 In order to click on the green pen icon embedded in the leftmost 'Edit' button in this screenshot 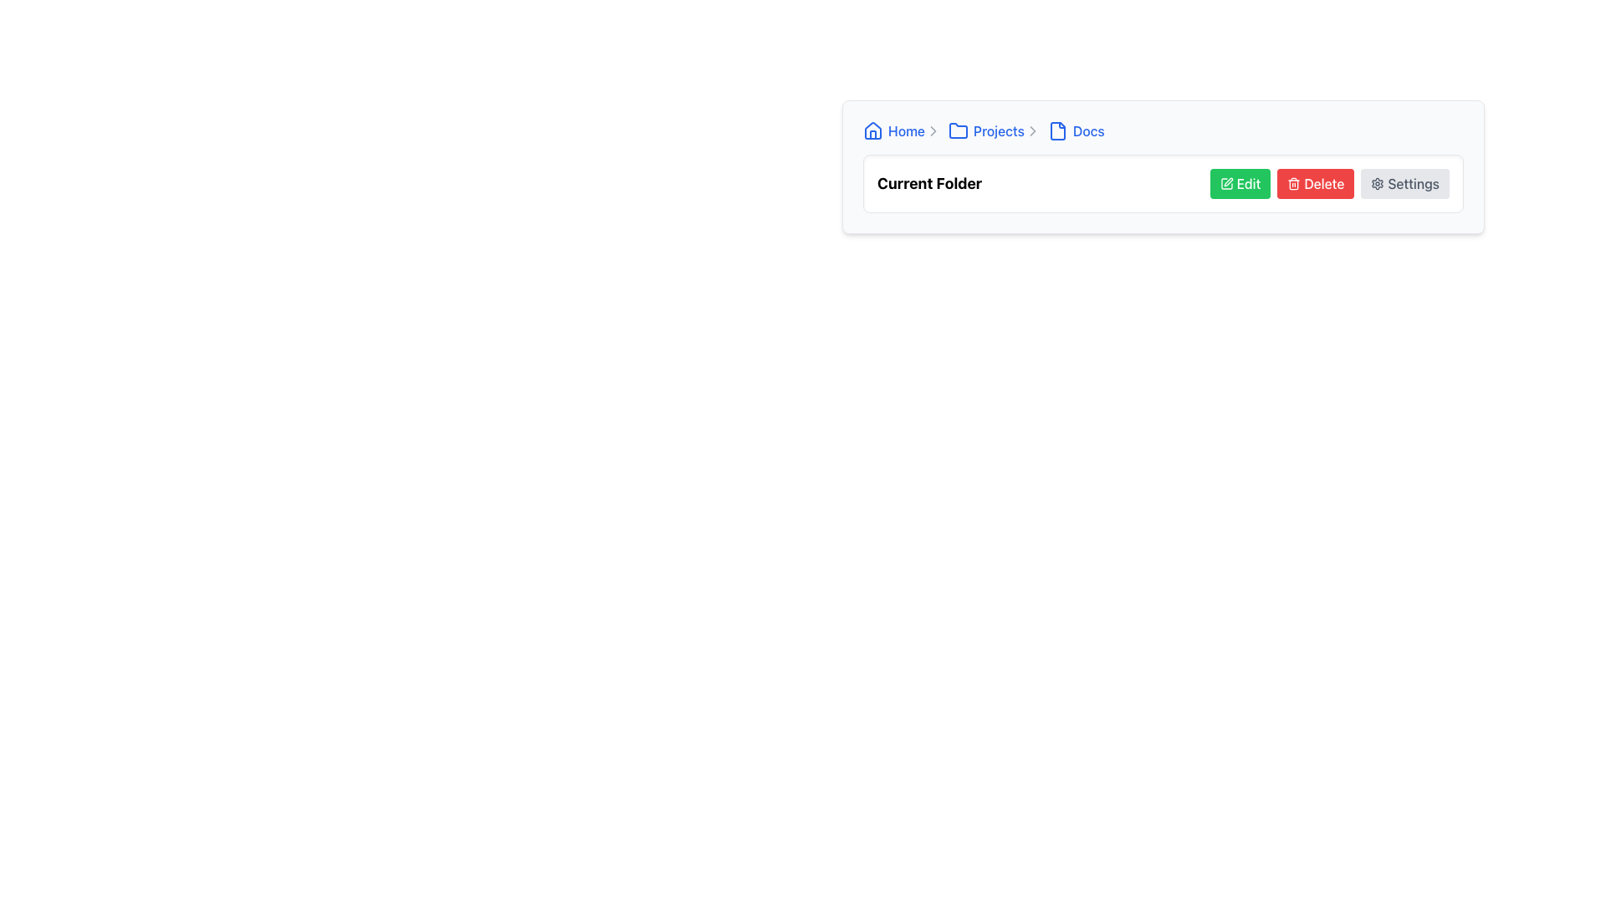, I will do `click(1226, 183)`.